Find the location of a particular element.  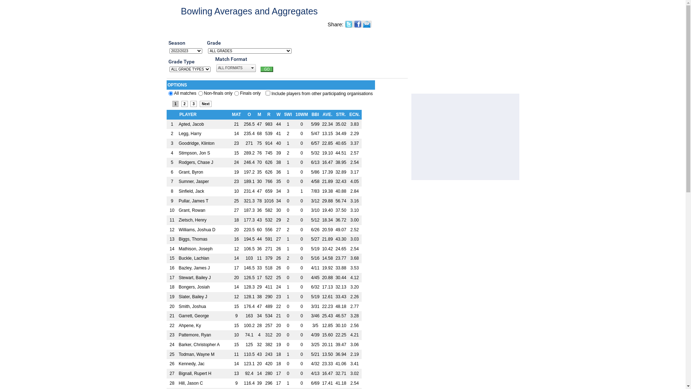

'ECN.' is located at coordinates (349, 114).